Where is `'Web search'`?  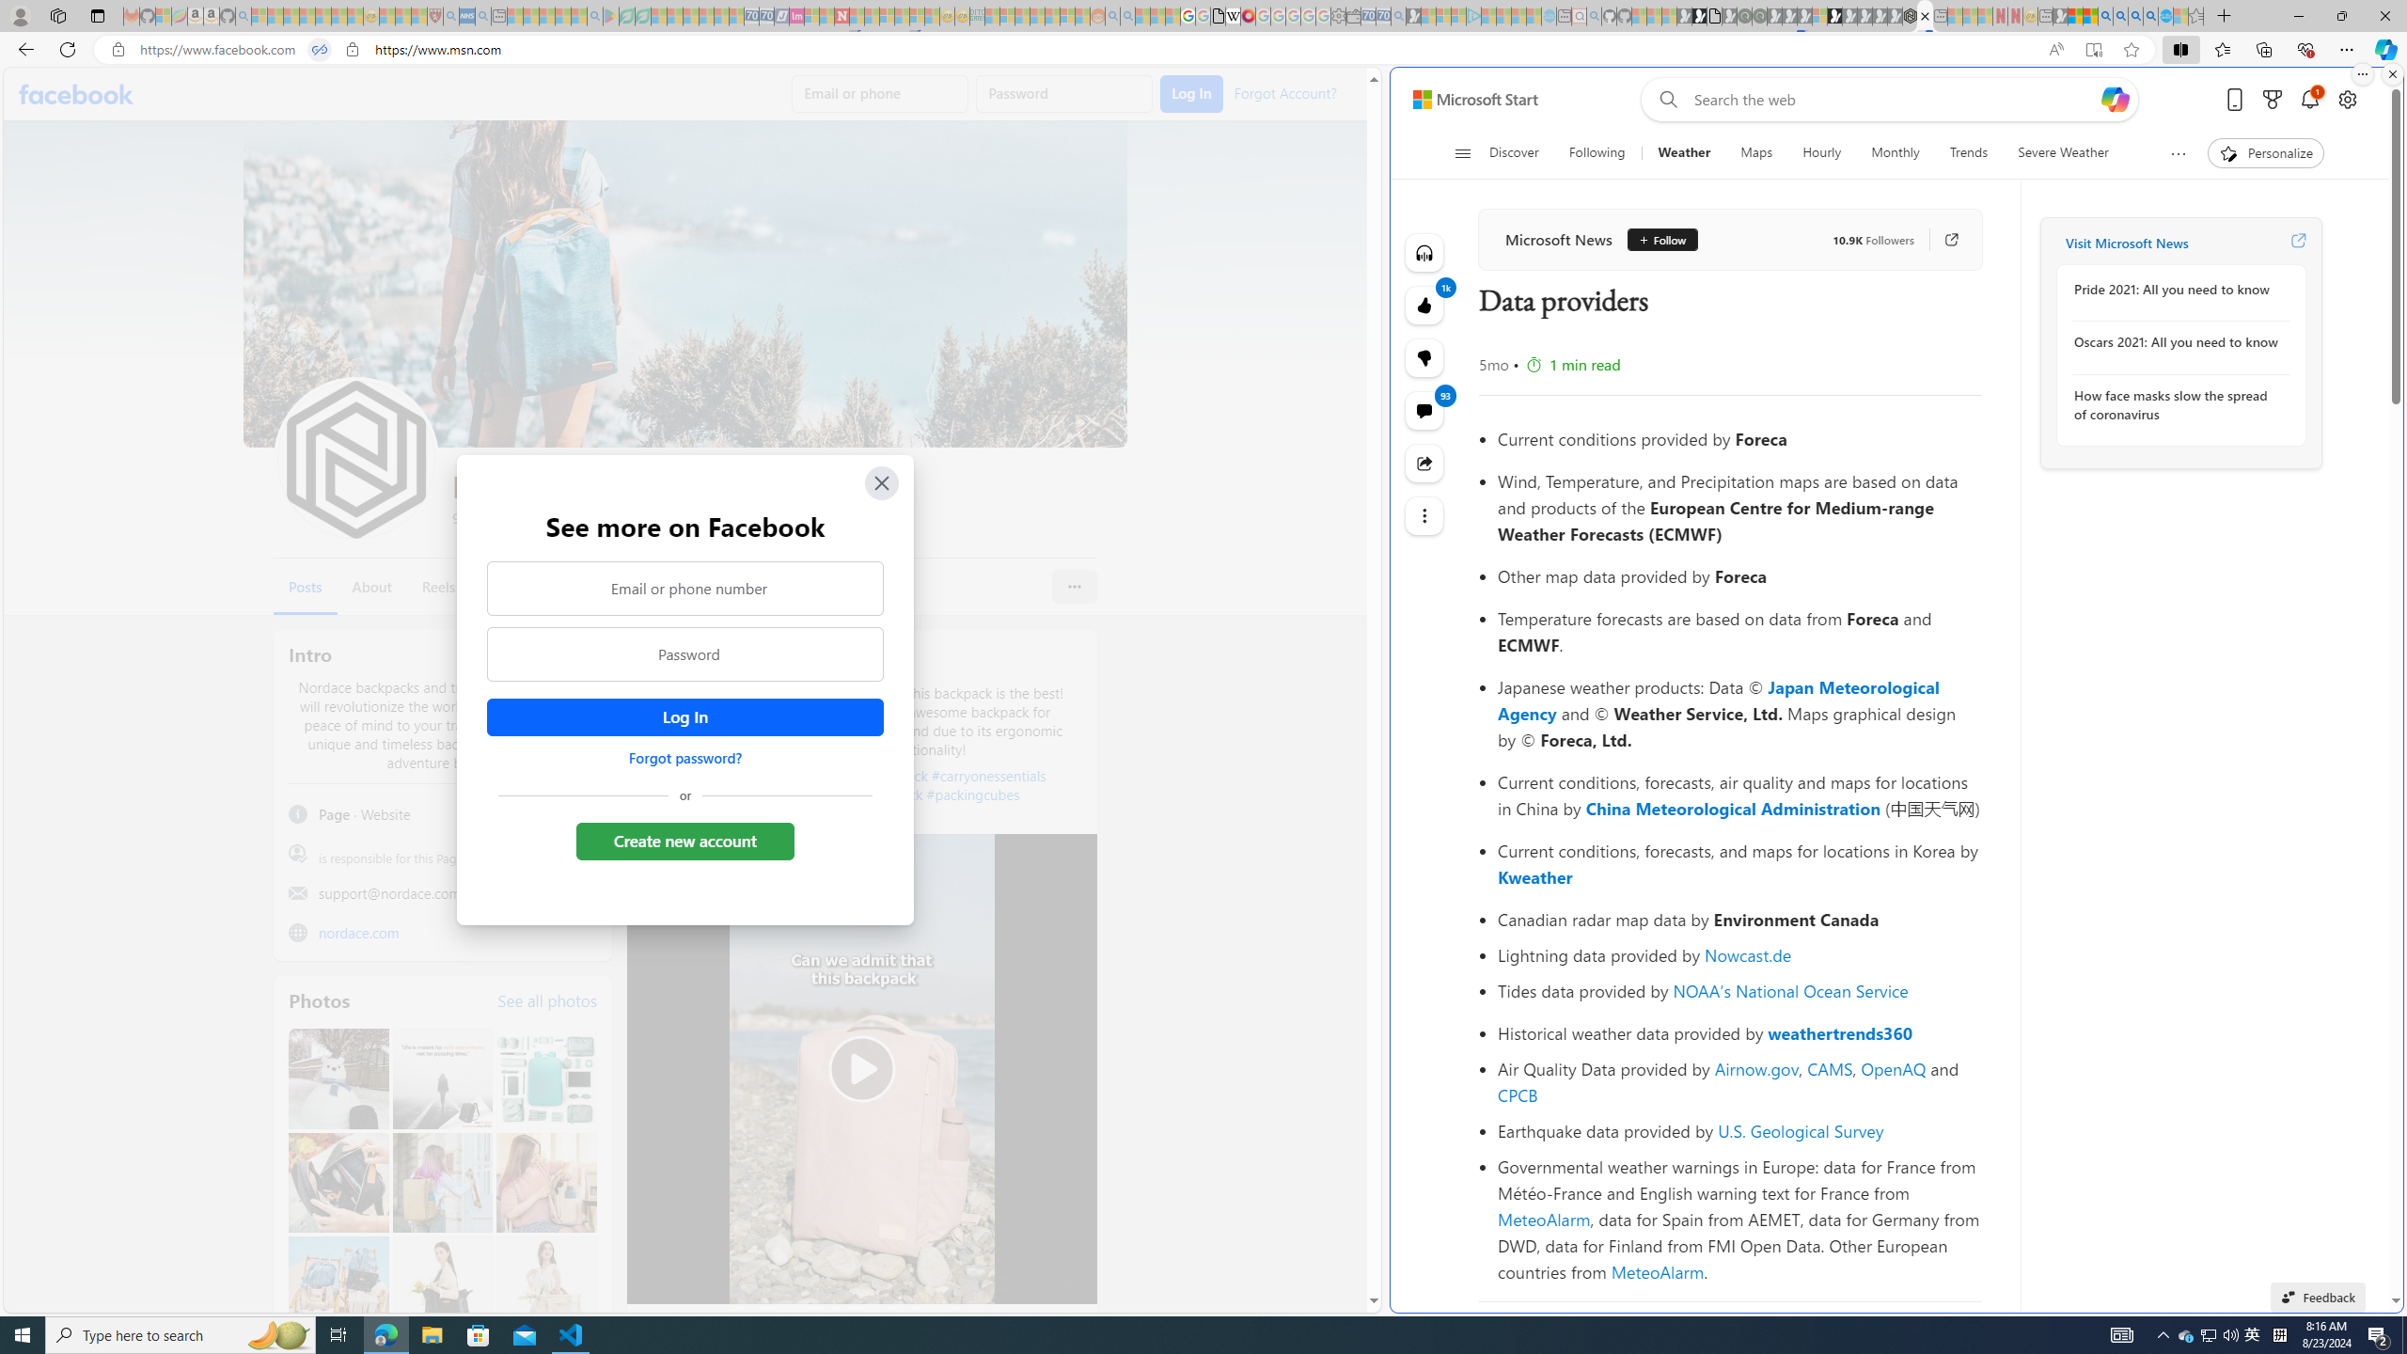
'Web search' is located at coordinates (1664, 100).